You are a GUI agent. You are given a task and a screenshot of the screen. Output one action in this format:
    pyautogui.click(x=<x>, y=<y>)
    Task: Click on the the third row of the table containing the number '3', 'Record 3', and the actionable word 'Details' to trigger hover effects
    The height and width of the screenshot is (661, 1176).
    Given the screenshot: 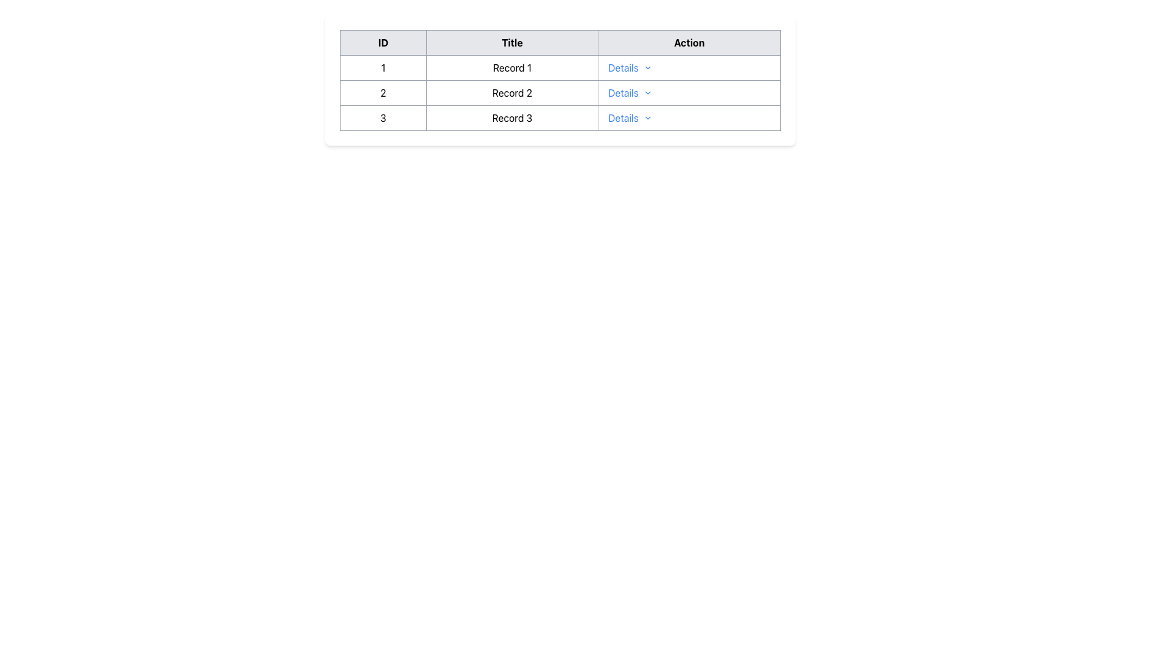 What is the action you would take?
    pyautogui.click(x=560, y=118)
    